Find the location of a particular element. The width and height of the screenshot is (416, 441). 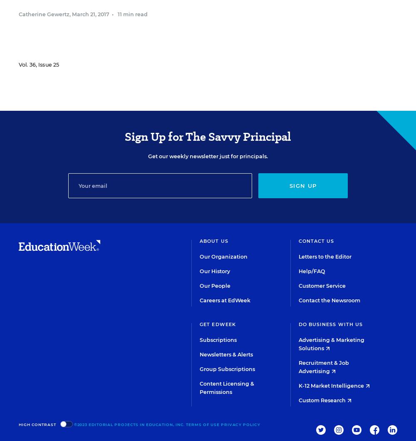

'Group Subscriptions' is located at coordinates (199, 369).